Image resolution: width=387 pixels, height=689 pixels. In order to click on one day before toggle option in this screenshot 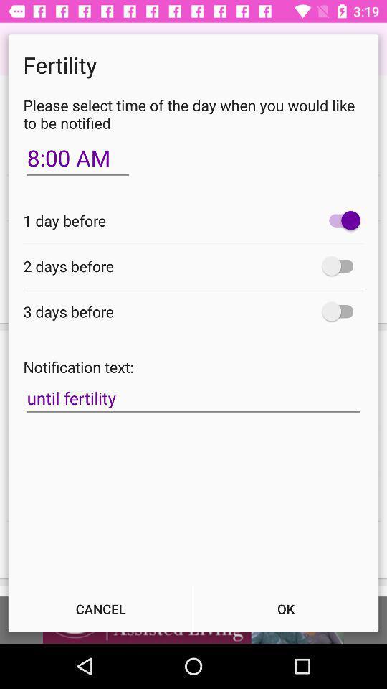, I will do `click(340, 220)`.